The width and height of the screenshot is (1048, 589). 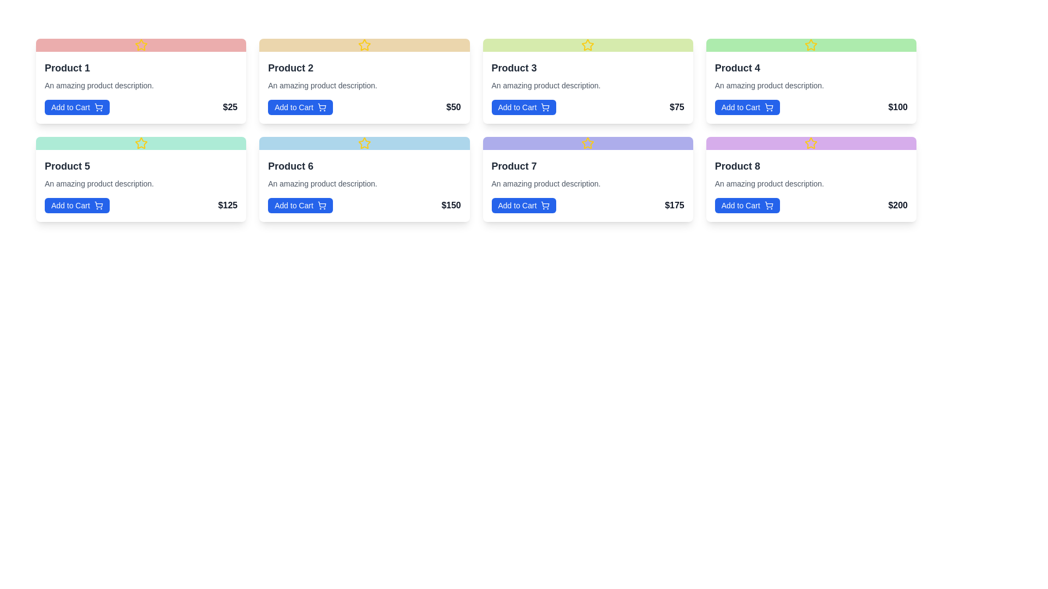 What do you see at coordinates (140, 45) in the screenshot?
I see `the first rating star icon located at the top of the 'Product 1' card, which is distinguished by its pink background` at bounding box center [140, 45].